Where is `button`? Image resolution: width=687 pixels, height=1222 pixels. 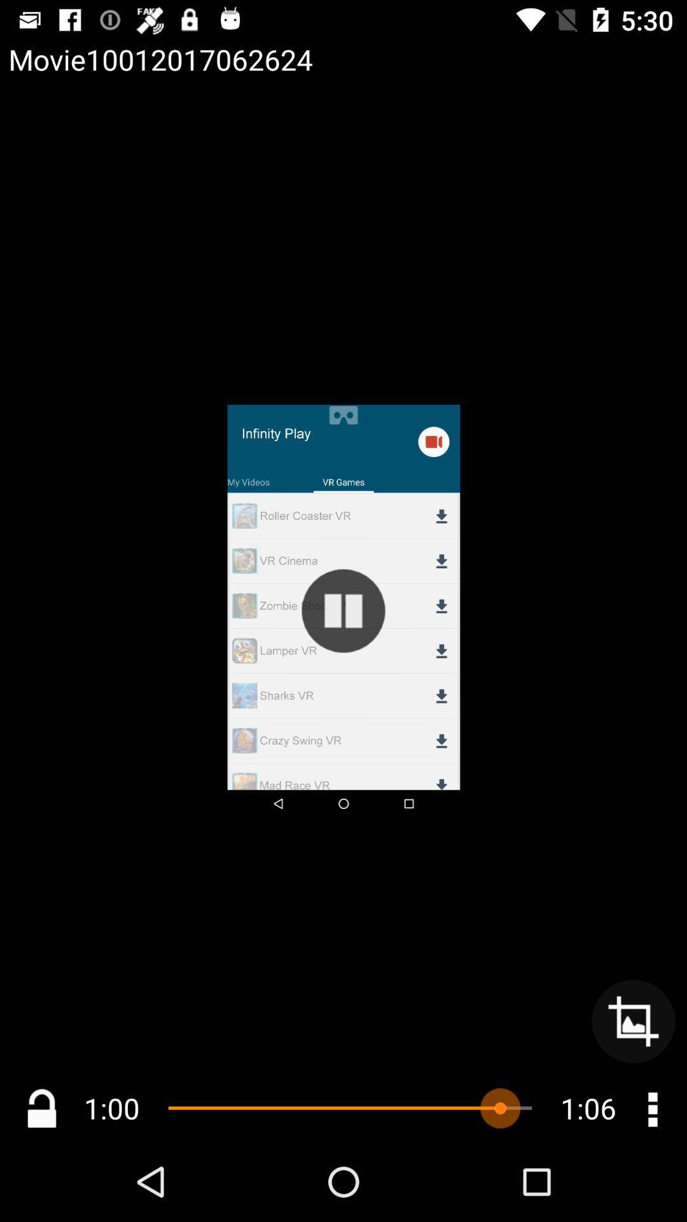
button is located at coordinates (343, 611).